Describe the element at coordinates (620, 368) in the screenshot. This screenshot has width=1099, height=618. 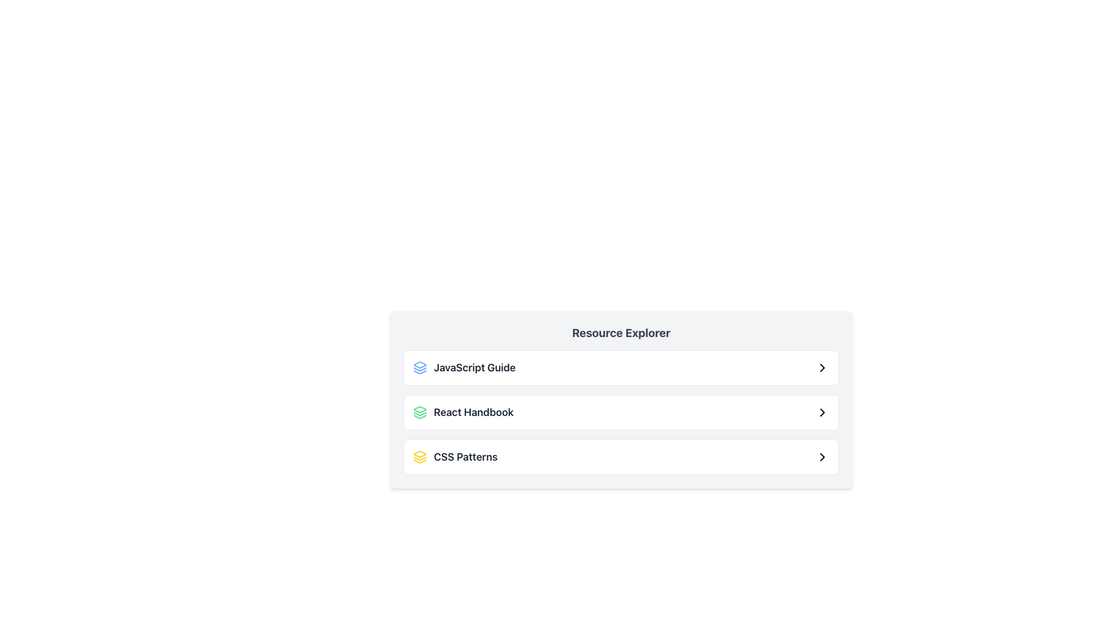
I see `the first item in the navigational menu labeled 'JavaScript Guide'` at that location.